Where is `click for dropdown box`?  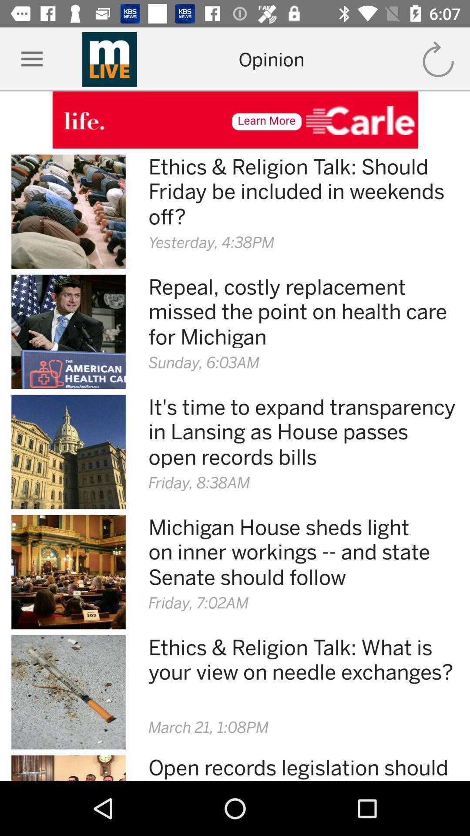 click for dropdown box is located at coordinates (31, 59).